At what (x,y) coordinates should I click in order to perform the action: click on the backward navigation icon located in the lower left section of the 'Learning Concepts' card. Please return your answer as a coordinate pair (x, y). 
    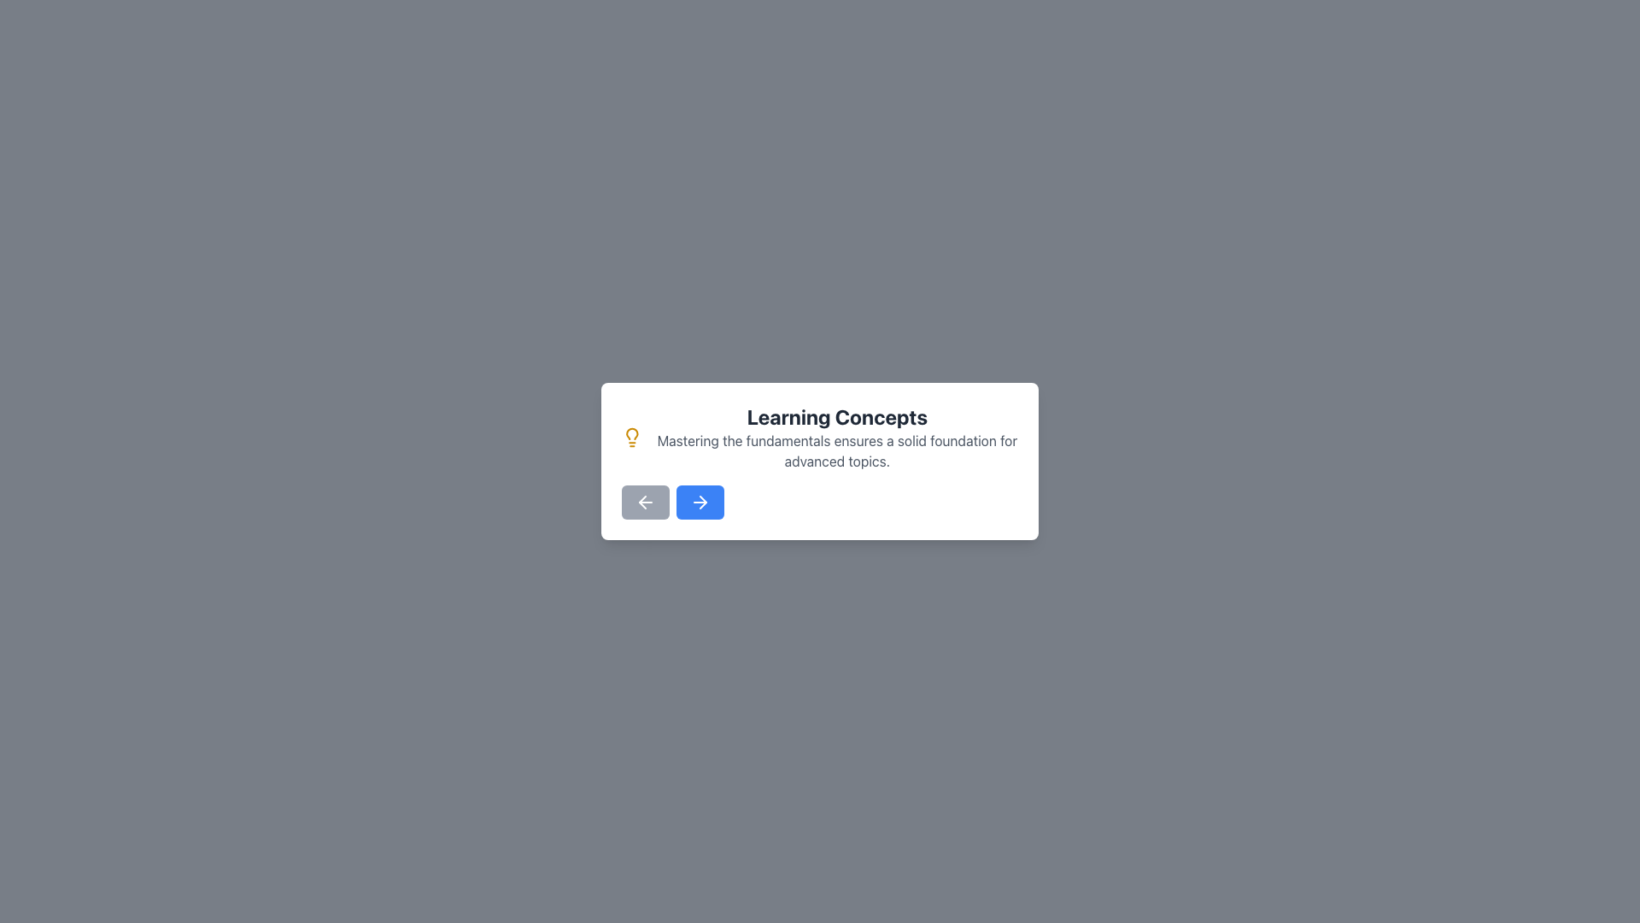
    Looking at the image, I should click on (641, 501).